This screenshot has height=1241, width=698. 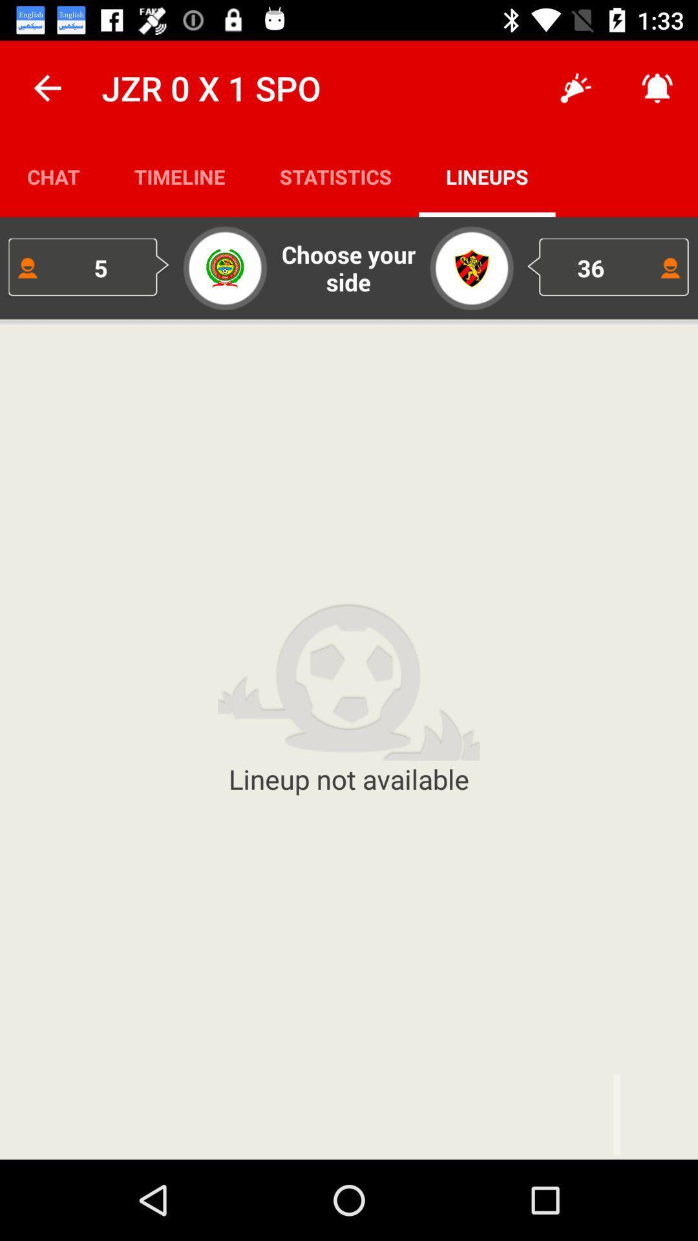 What do you see at coordinates (575, 87) in the screenshot?
I see `the app to the right of statistics app` at bounding box center [575, 87].